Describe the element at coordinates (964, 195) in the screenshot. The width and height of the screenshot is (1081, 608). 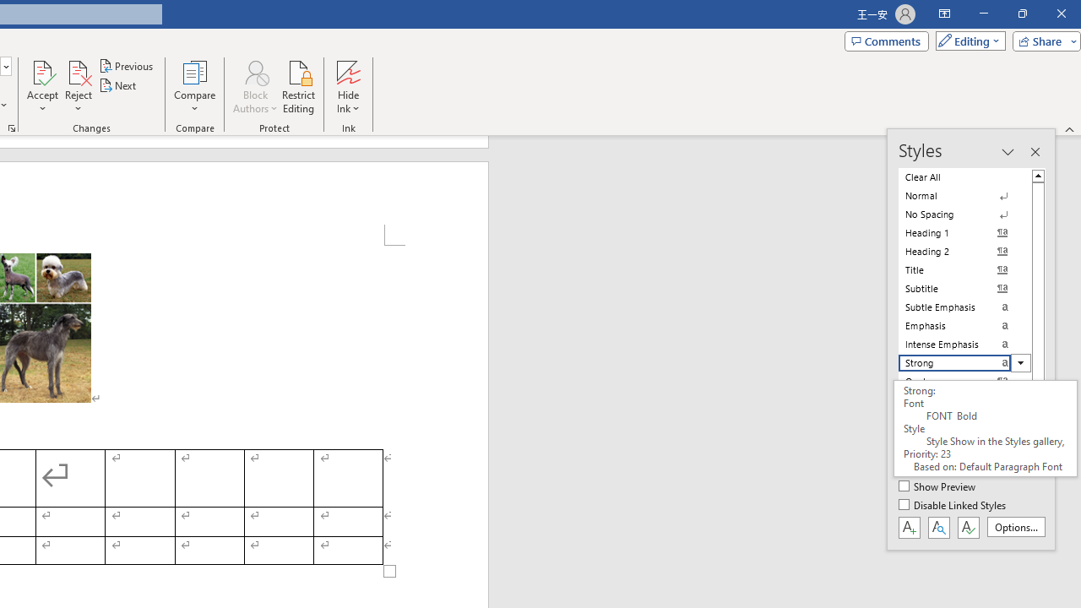
I see `'Normal'` at that location.